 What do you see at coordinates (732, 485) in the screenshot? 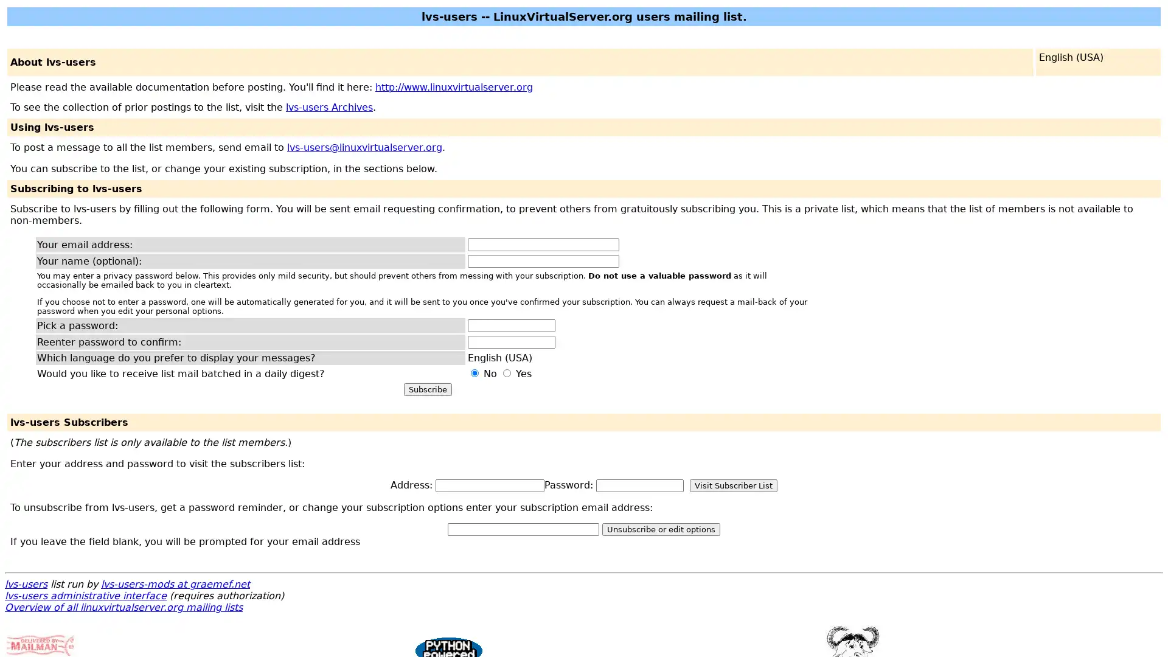
I see `Visit Subscriber List` at bounding box center [732, 485].